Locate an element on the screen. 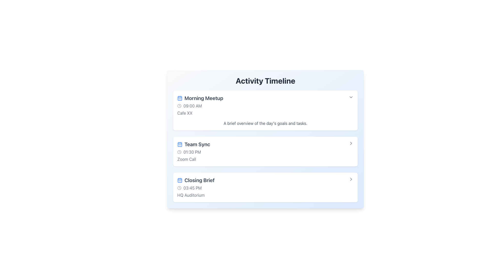 The height and width of the screenshot is (277, 492). the button located at the top-right corner of the 'Morning Meetup' activity card is located at coordinates (351, 97).